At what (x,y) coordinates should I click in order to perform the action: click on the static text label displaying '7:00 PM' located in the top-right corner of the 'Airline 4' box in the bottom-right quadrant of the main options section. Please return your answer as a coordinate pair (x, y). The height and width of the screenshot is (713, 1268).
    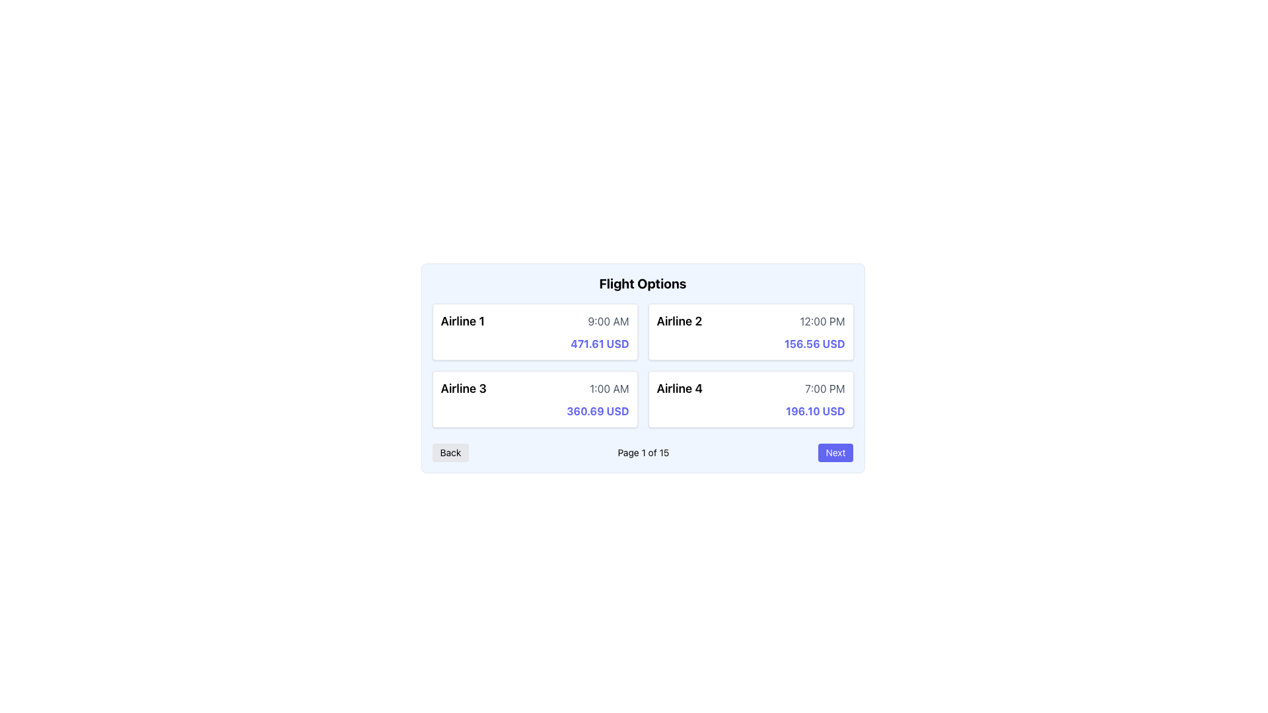
    Looking at the image, I should click on (824, 388).